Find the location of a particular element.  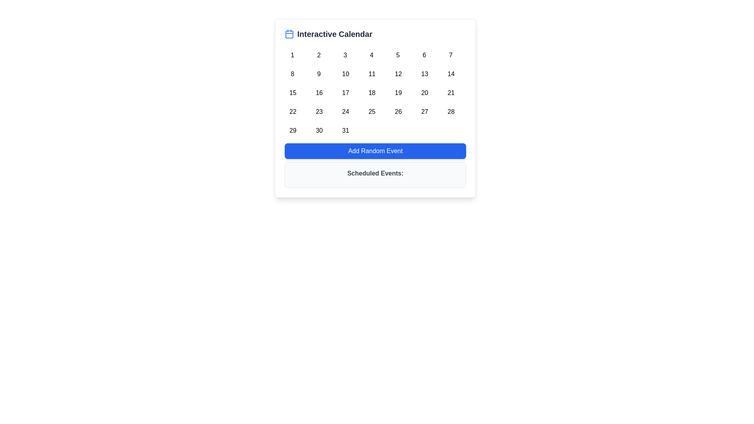

the decorative icon associated with the 'Interactive Calendar' title, which is positioned to the leftmost side of the text content is located at coordinates (289, 34).